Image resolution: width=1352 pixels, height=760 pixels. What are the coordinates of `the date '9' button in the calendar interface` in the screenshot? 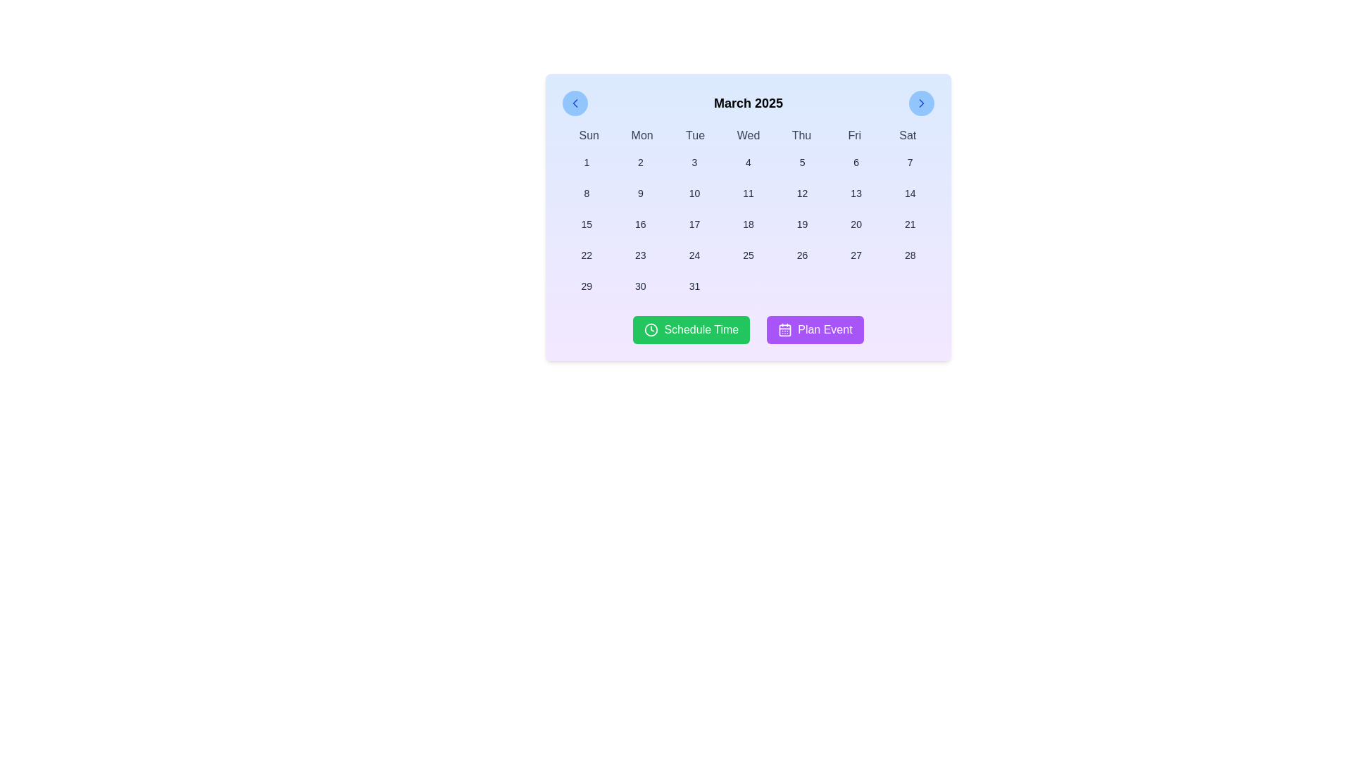 It's located at (639, 193).